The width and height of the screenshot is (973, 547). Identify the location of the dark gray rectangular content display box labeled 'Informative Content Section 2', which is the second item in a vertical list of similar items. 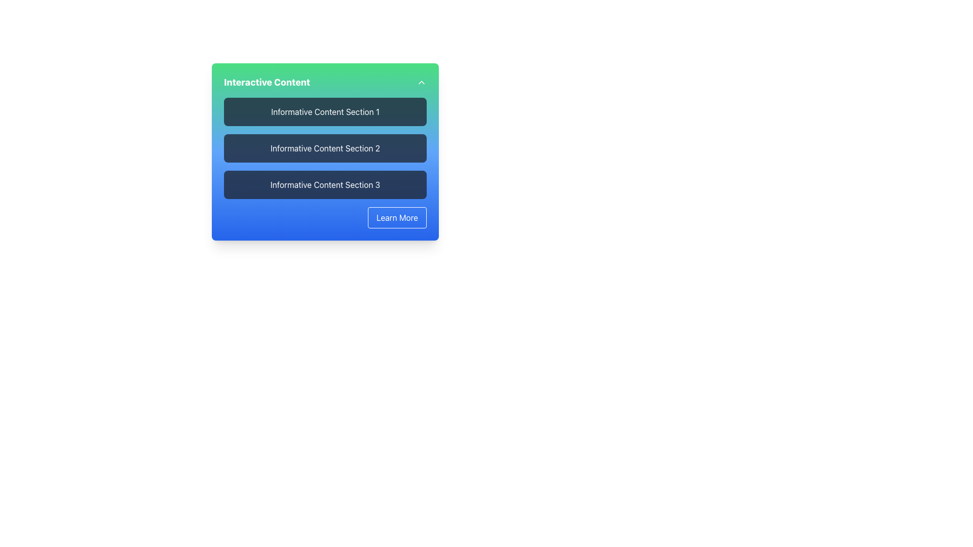
(325, 148).